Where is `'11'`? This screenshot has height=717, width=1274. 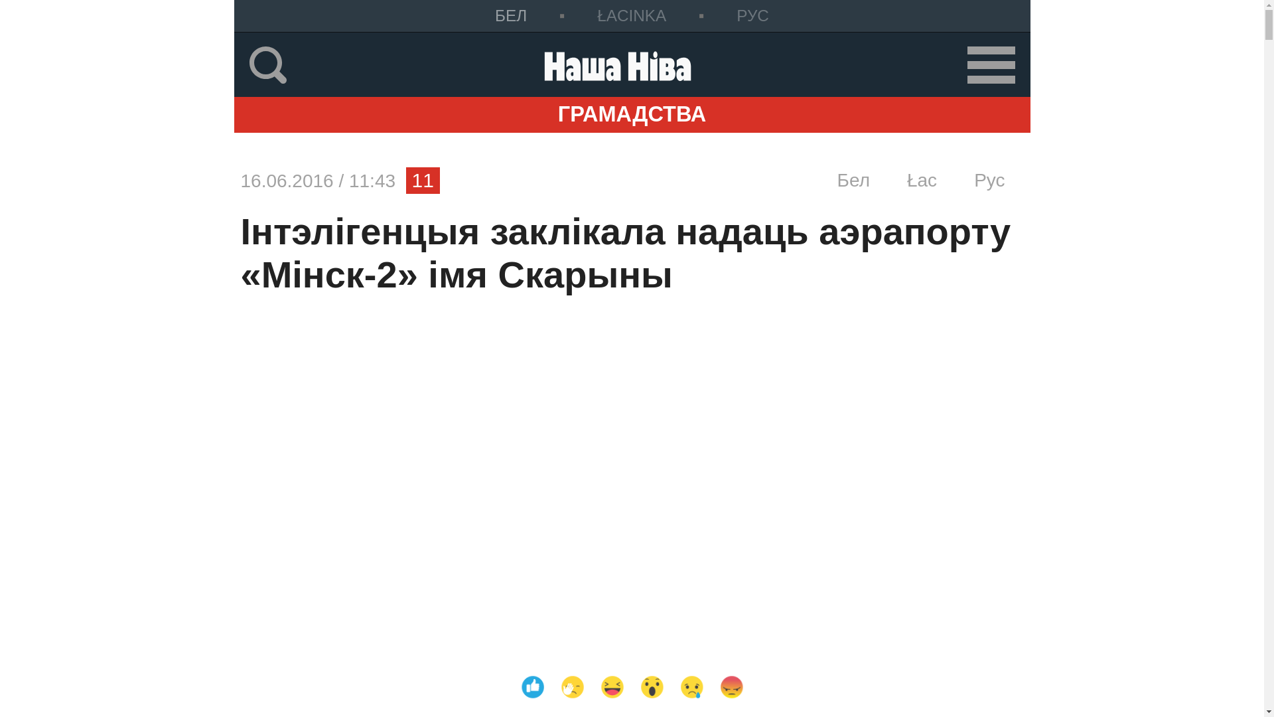
'11' is located at coordinates (422, 181).